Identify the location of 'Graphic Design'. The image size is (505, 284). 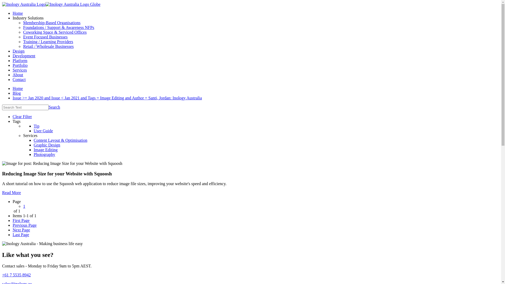
(47, 145).